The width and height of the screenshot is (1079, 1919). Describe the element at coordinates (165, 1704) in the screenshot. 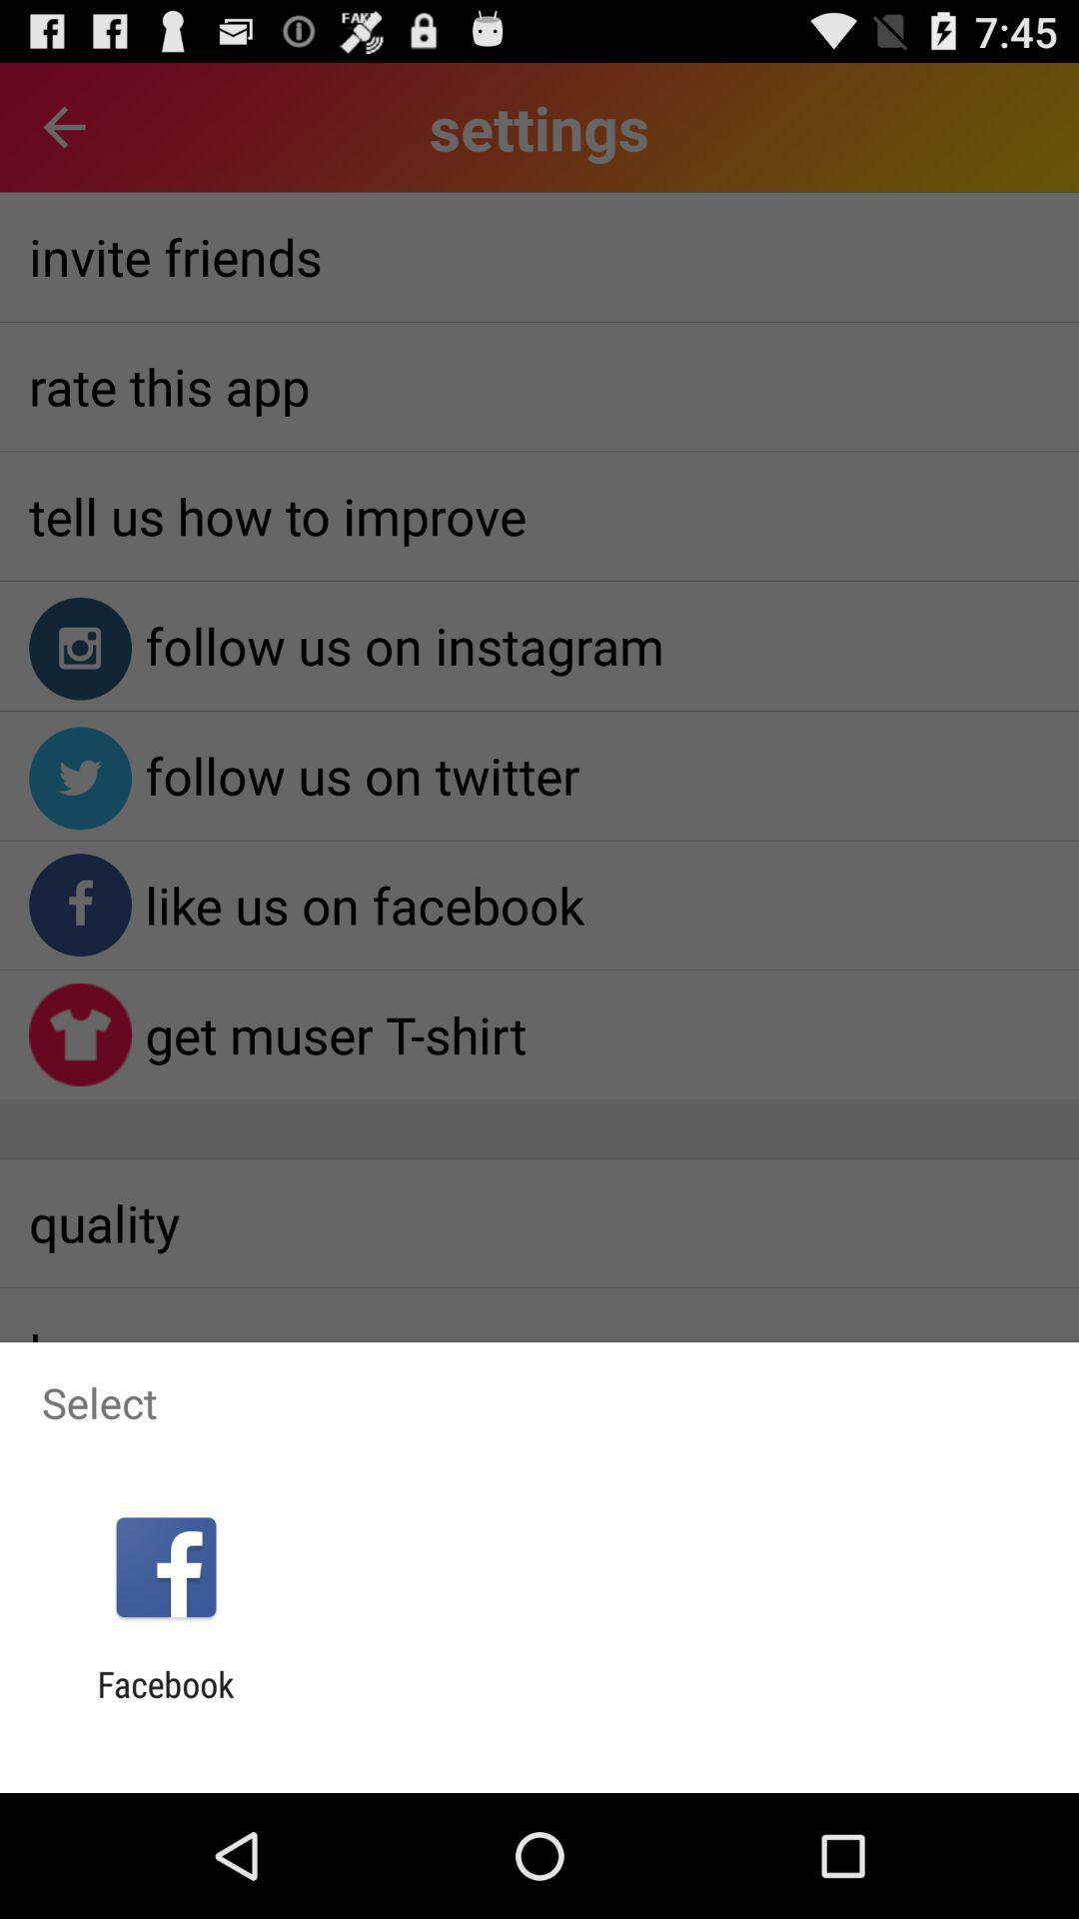

I see `facebook app` at that location.